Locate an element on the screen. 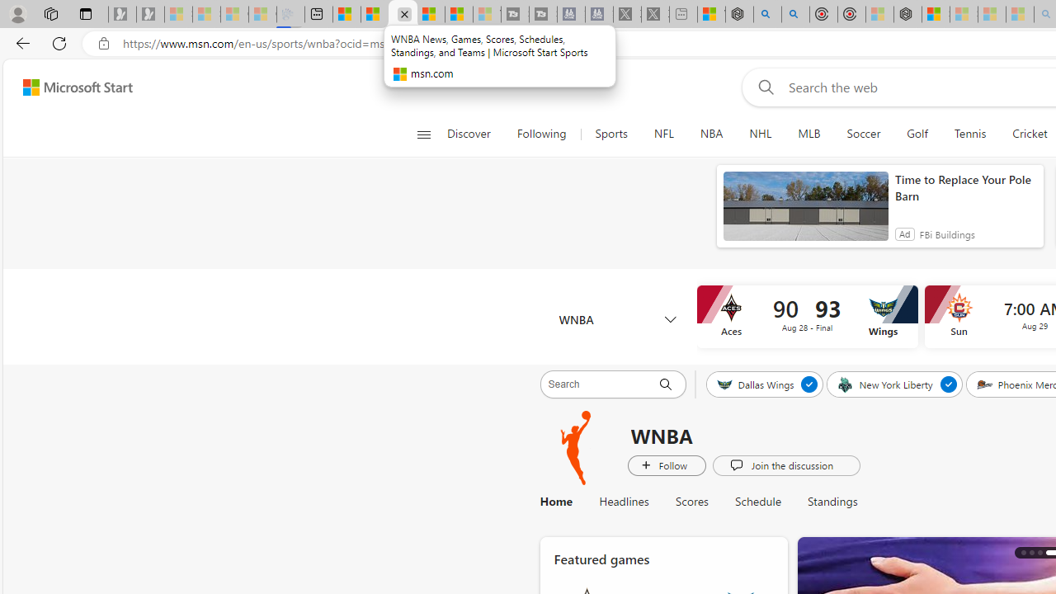 The width and height of the screenshot is (1056, 594). 'poe ++ standard - Search' is located at coordinates (795, 14).